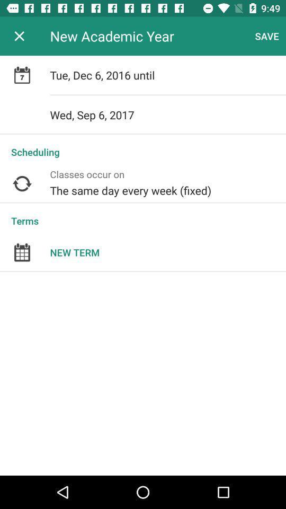 Image resolution: width=286 pixels, height=509 pixels. I want to click on item to the right of new academic year app, so click(266, 36).